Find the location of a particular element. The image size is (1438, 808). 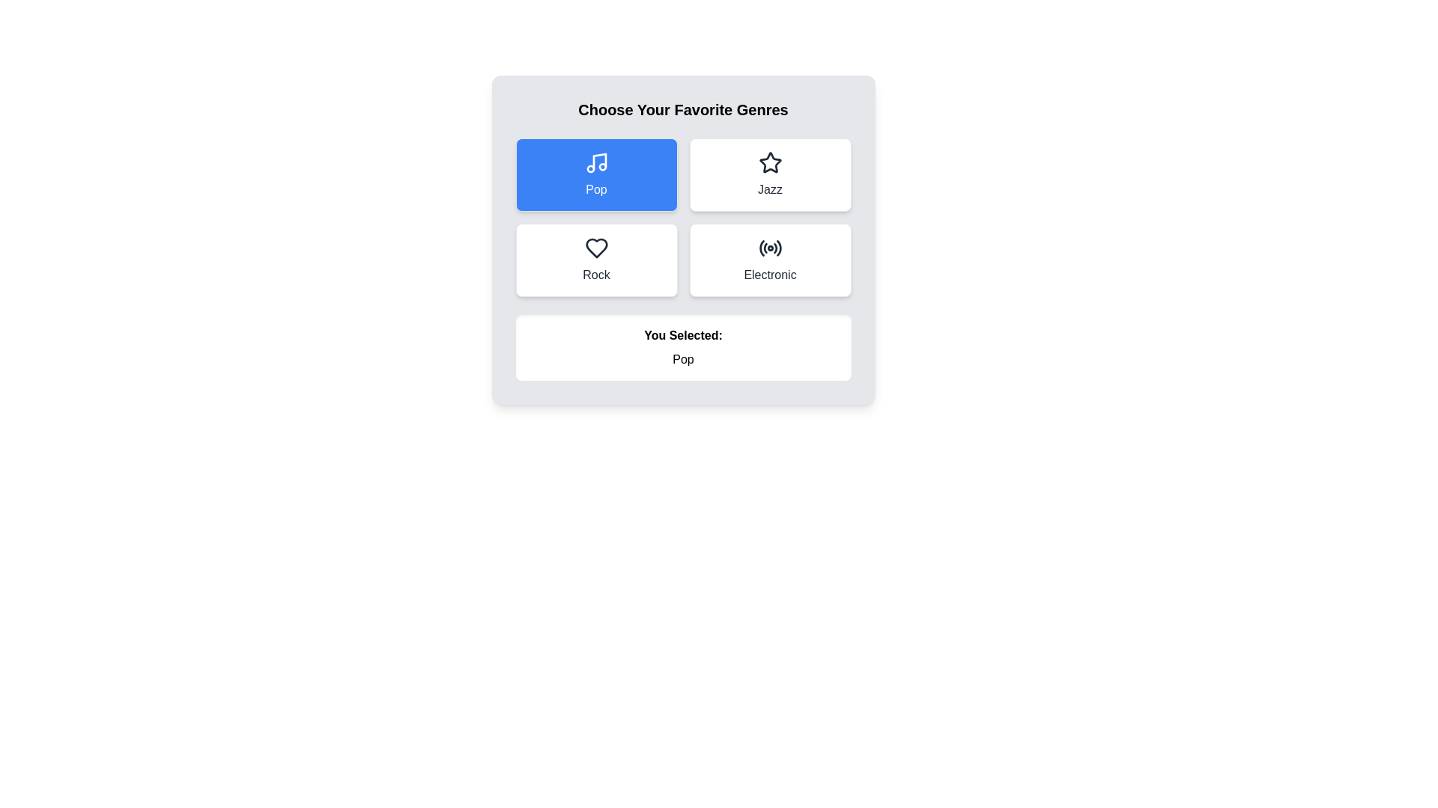

the genre button labeled Rock to observe the hover effect is located at coordinates (595, 259).